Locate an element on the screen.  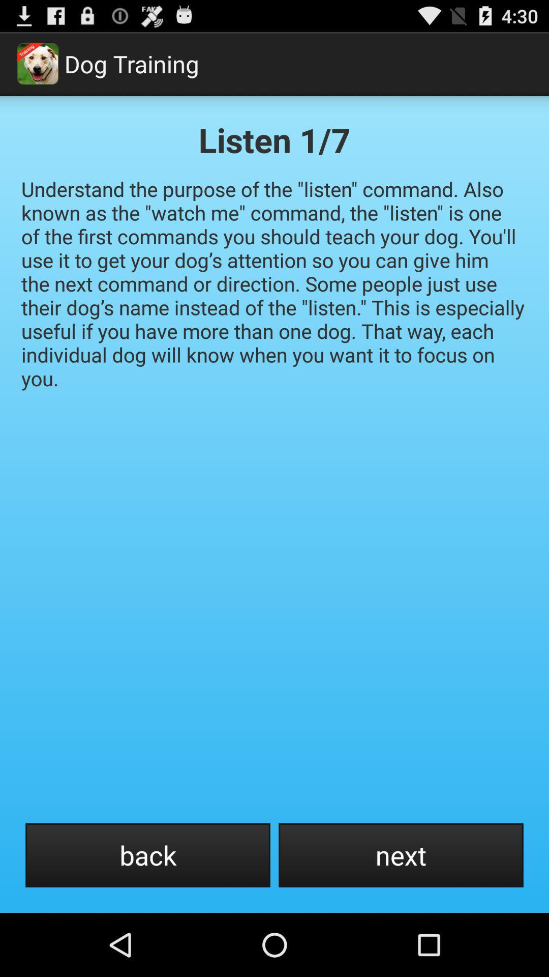
icon below the understand the purpose is located at coordinates (401, 855).